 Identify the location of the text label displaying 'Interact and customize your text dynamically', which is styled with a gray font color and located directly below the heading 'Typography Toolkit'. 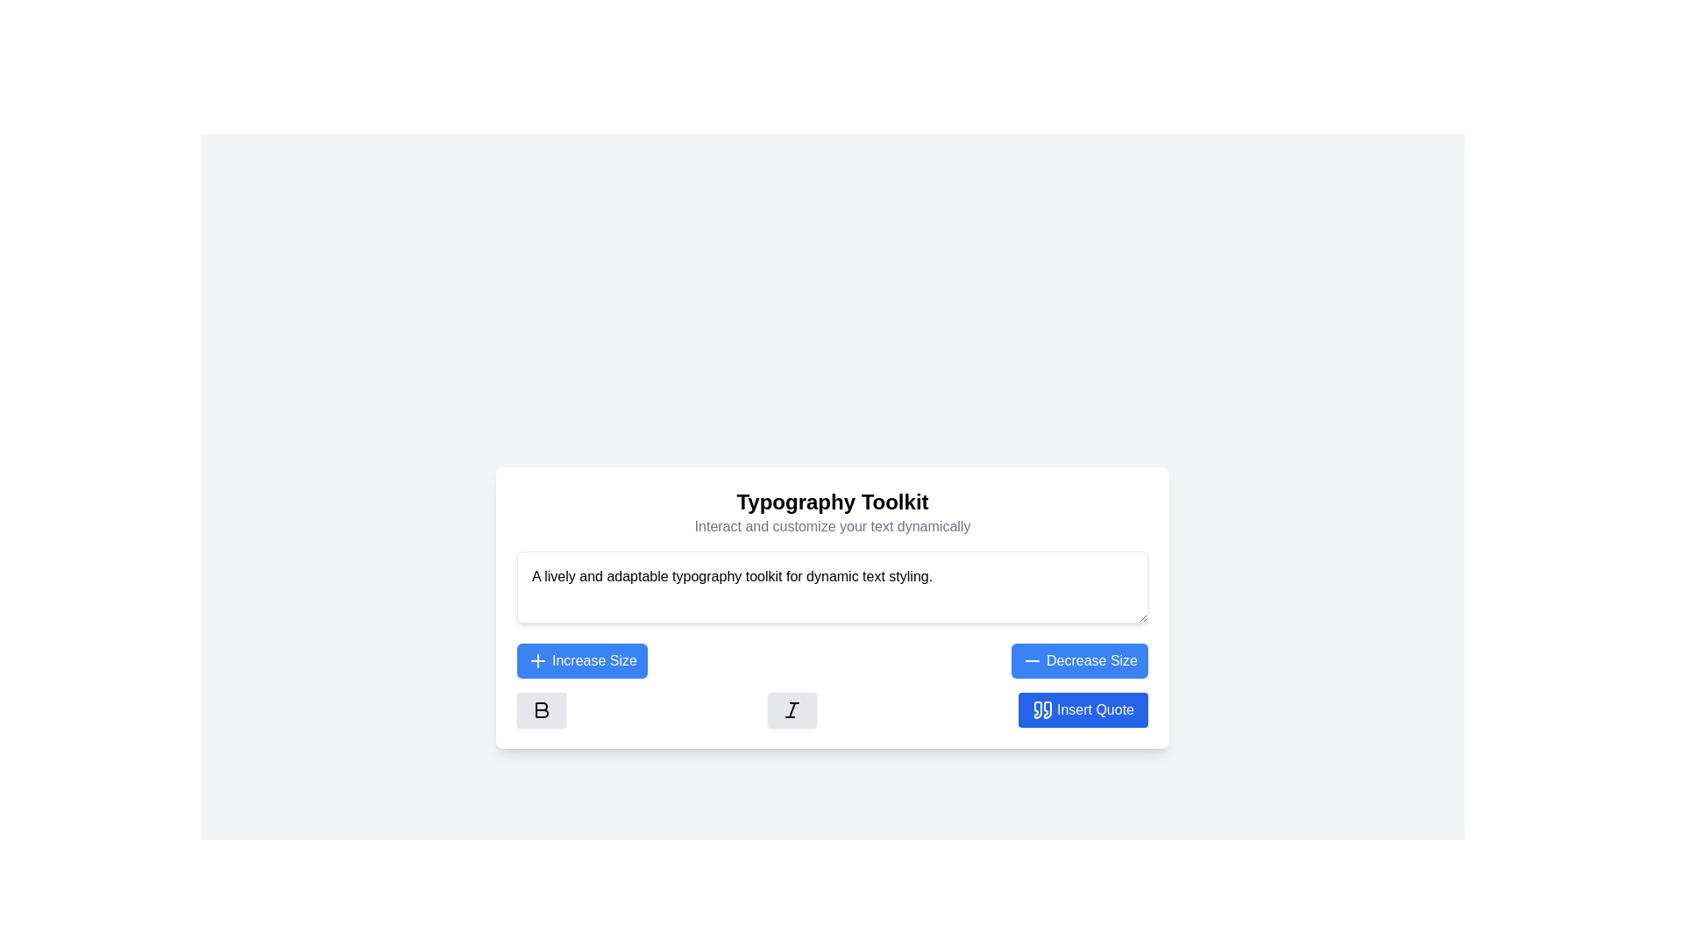
(832, 525).